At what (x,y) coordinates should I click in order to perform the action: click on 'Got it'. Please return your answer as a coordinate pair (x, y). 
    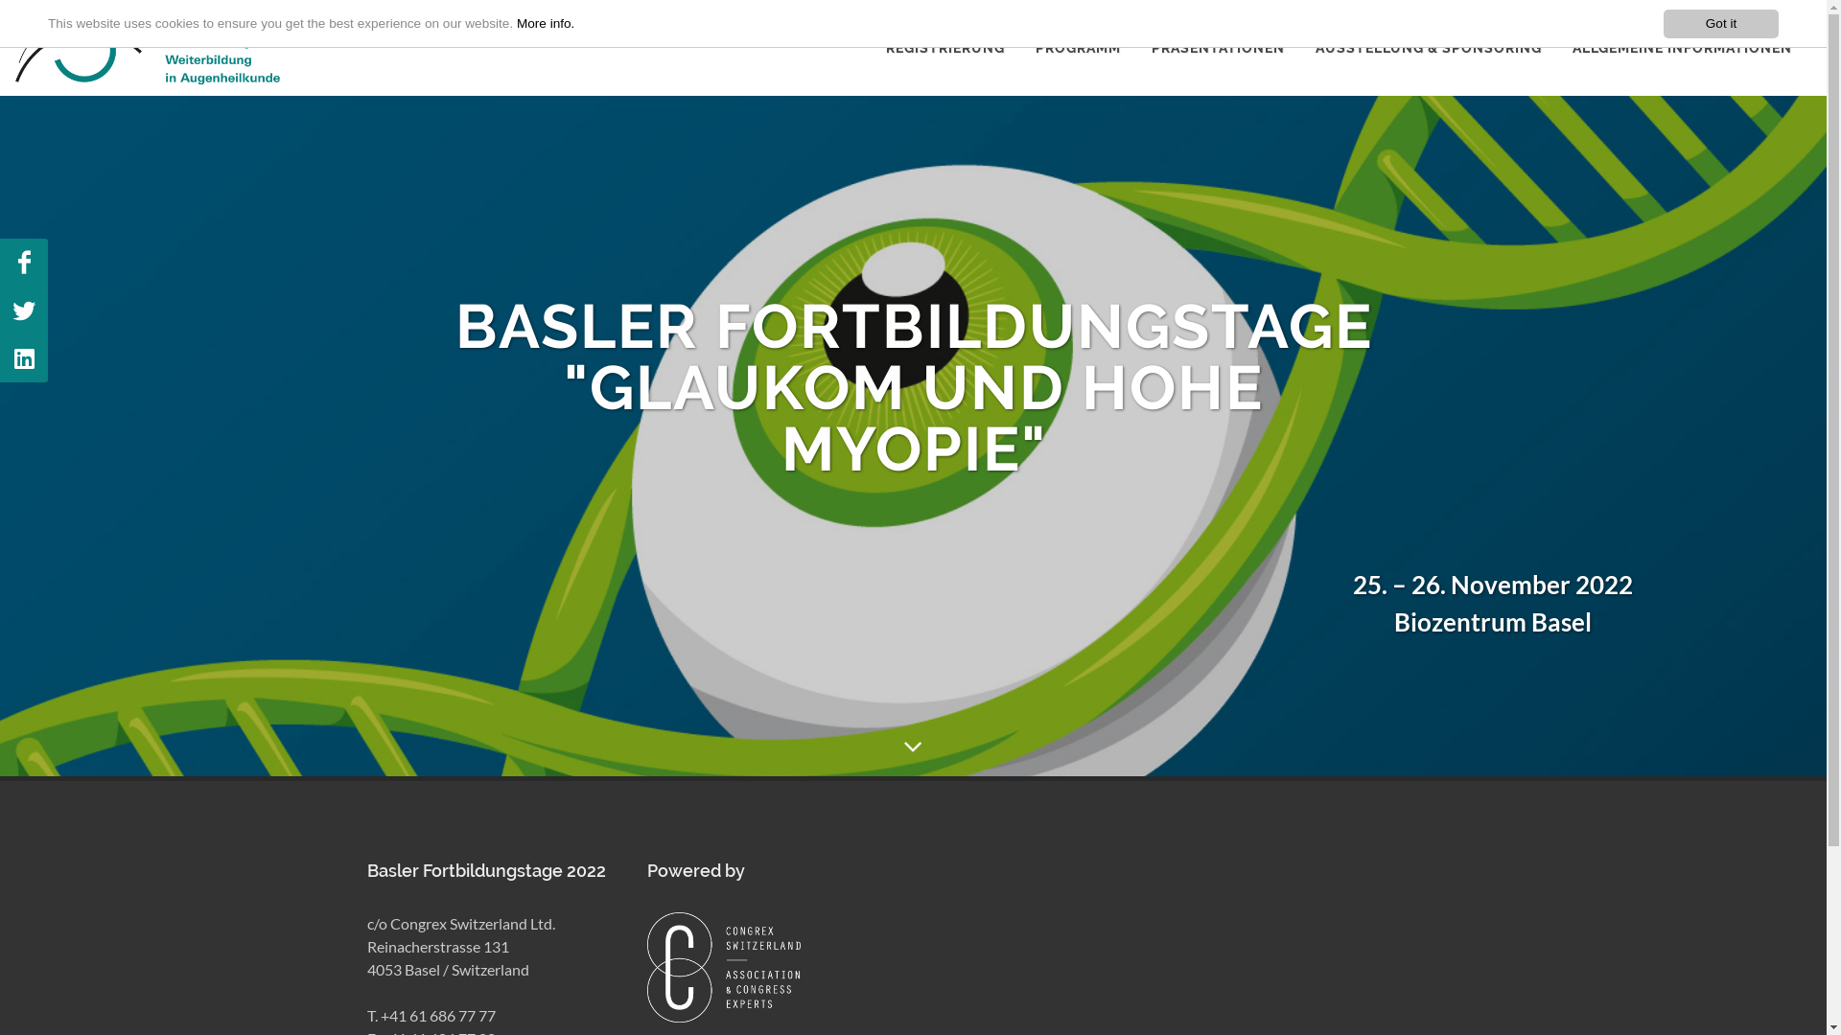
    Looking at the image, I should click on (1721, 23).